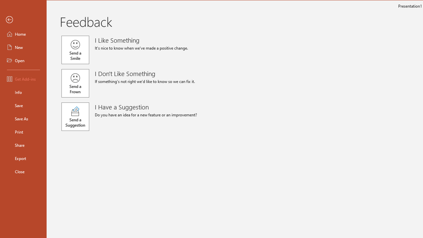  What do you see at coordinates (75, 116) in the screenshot?
I see `'Send a Suggestion'` at bounding box center [75, 116].